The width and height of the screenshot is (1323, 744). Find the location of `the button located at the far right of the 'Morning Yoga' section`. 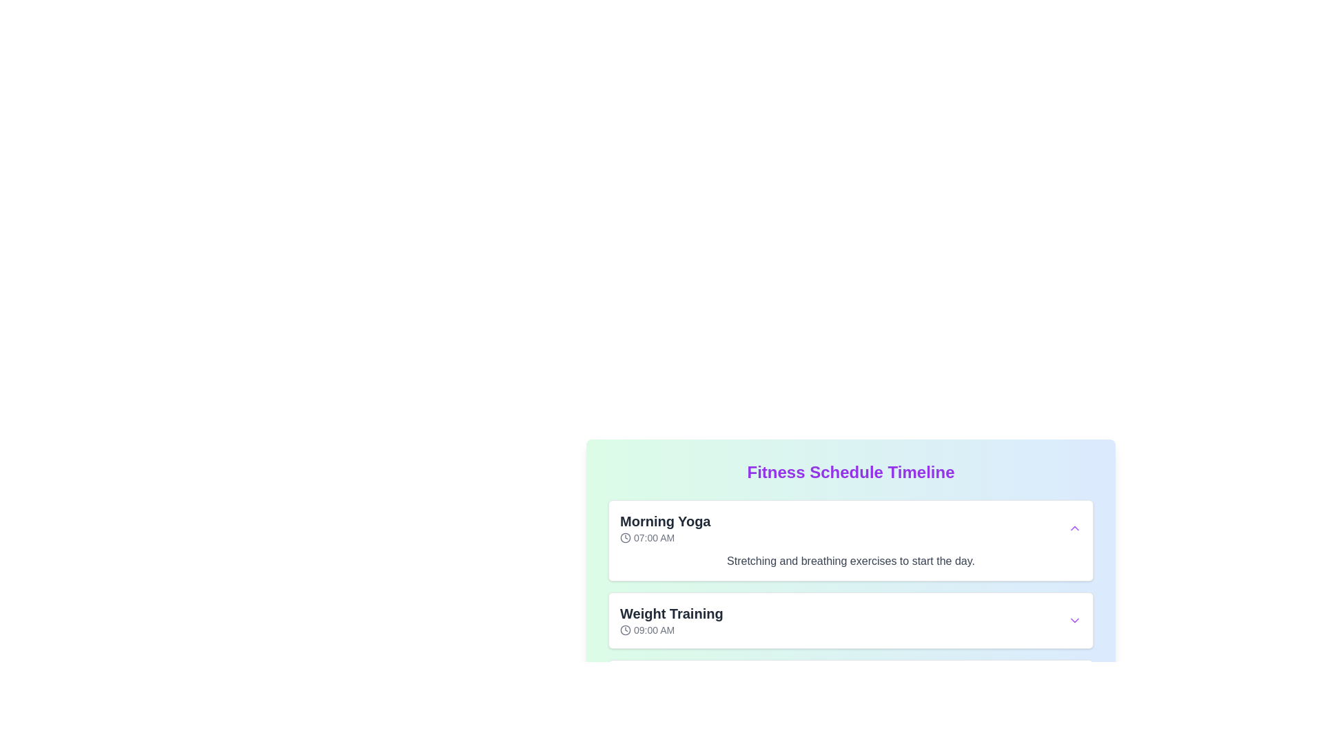

the button located at the far right of the 'Morning Yoga' section is located at coordinates (1074, 528).